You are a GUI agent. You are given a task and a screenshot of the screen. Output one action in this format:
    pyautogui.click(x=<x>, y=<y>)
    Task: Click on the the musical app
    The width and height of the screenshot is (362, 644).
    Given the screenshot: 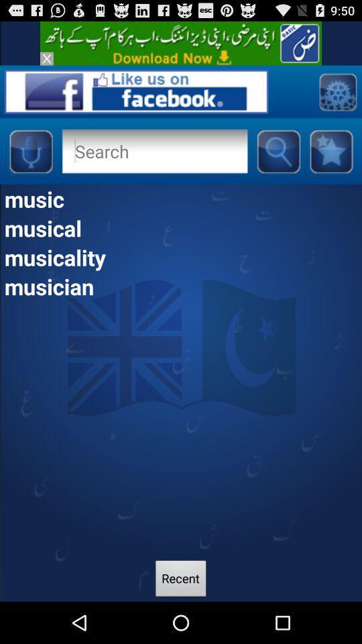 What is the action you would take?
    pyautogui.click(x=181, y=227)
    